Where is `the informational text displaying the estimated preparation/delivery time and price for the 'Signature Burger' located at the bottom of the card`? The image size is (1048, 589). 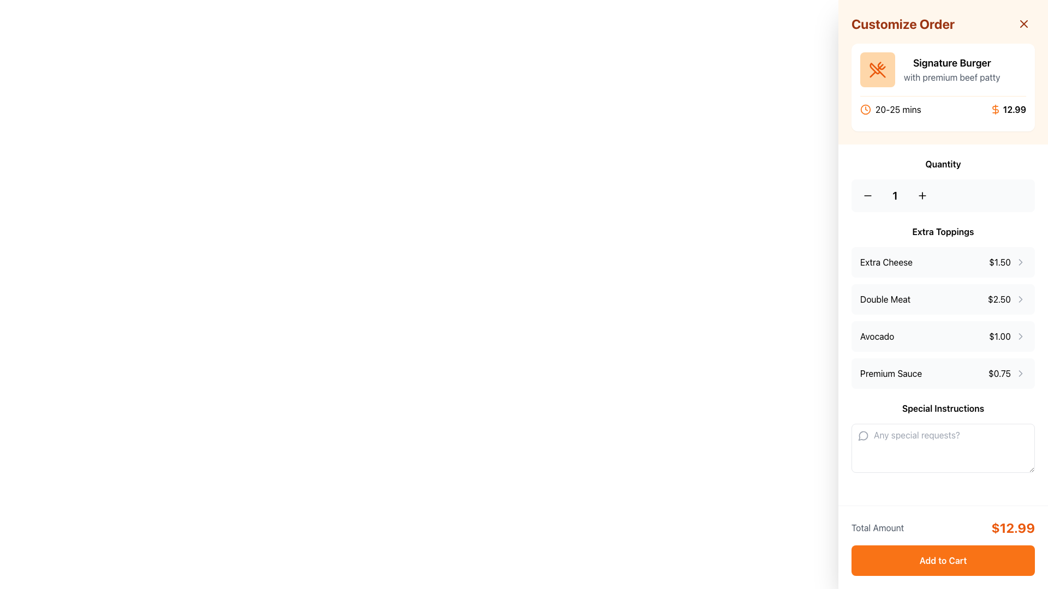
the informational text displaying the estimated preparation/delivery time and price for the 'Signature Burger' located at the bottom of the card is located at coordinates (943, 109).